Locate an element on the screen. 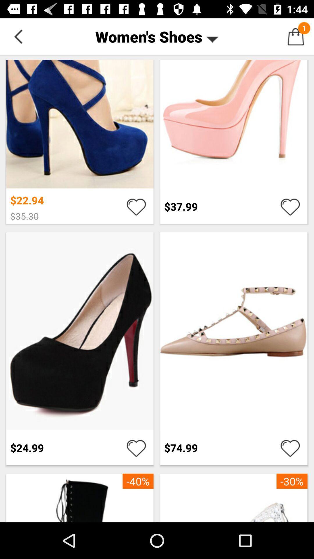 The height and width of the screenshot is (559, 314). to favorites is located at coordinates (290, 447).